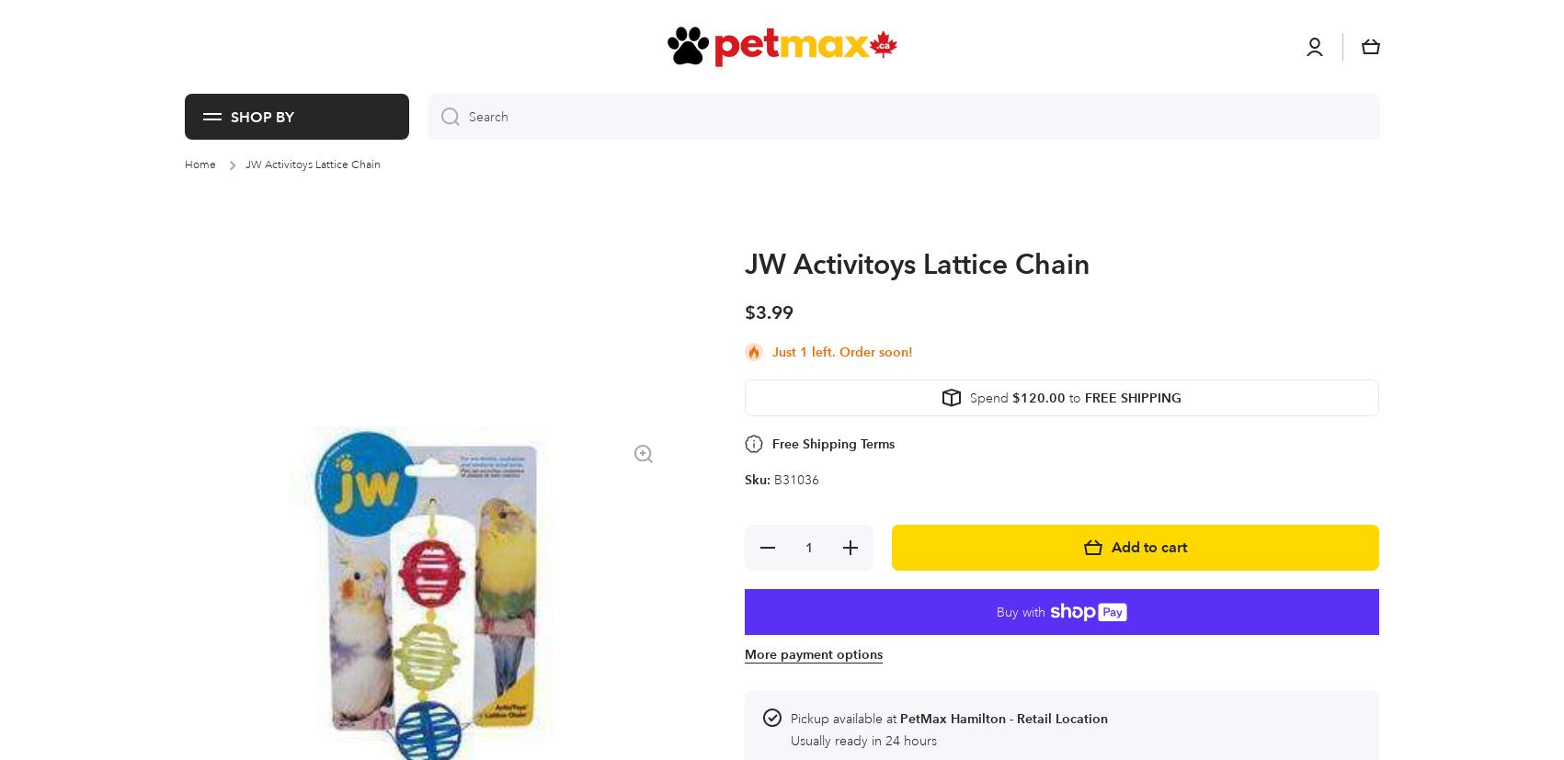 Image resolution: width=1564 pixels, height=760 pixels. Describe the element at coordinates (682, 22) in the screenshot. I see `'Scratching Posts'` at that location.